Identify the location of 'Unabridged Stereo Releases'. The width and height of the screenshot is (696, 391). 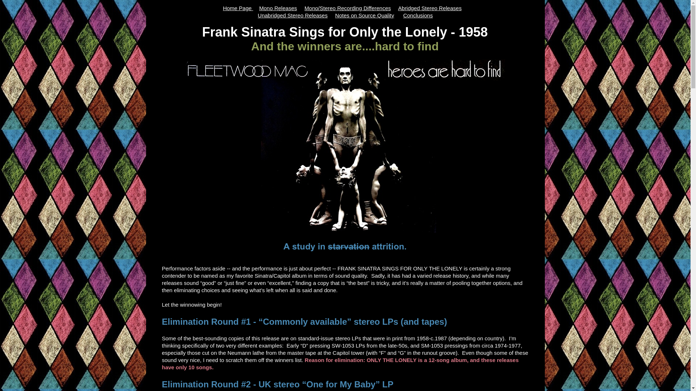
(293, 15).